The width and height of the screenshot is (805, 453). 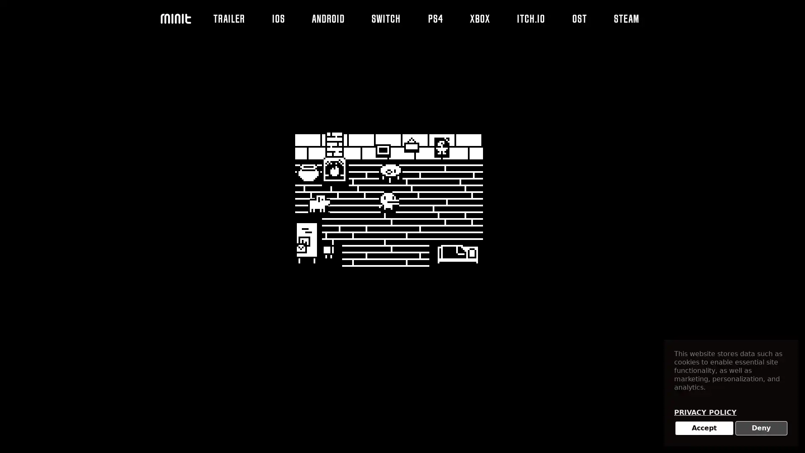 I want to click on Accept, so click(x=704, y=428).